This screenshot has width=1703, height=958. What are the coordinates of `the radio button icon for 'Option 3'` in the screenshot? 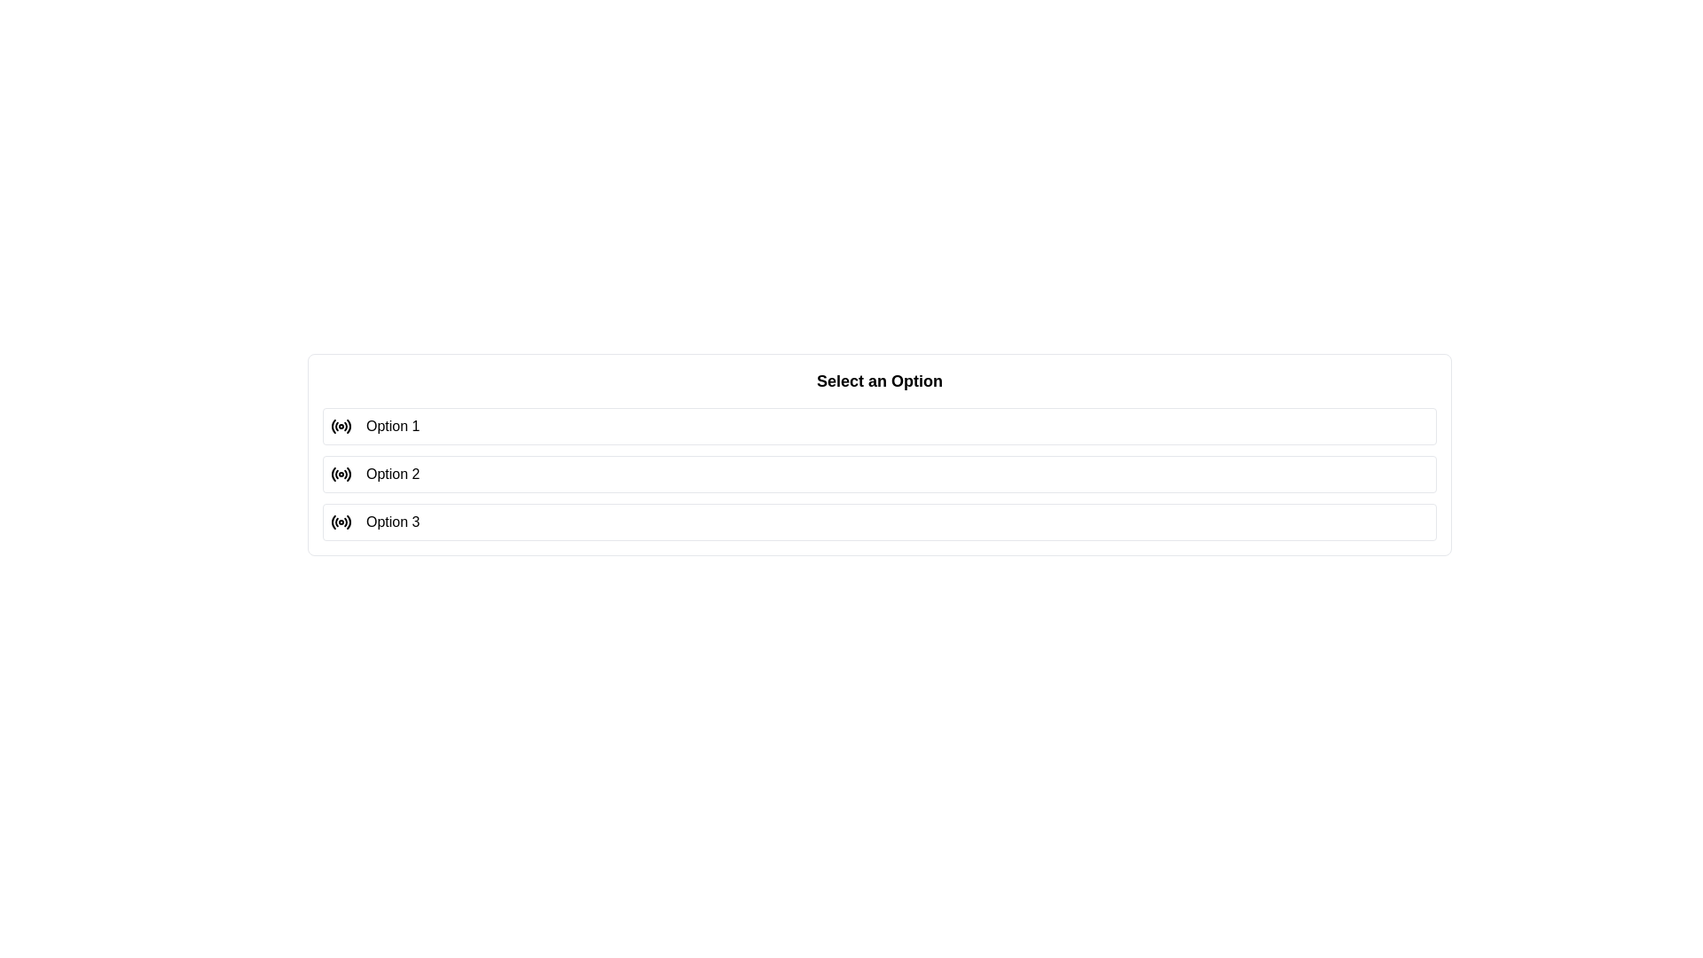 It's located at (341, 522).